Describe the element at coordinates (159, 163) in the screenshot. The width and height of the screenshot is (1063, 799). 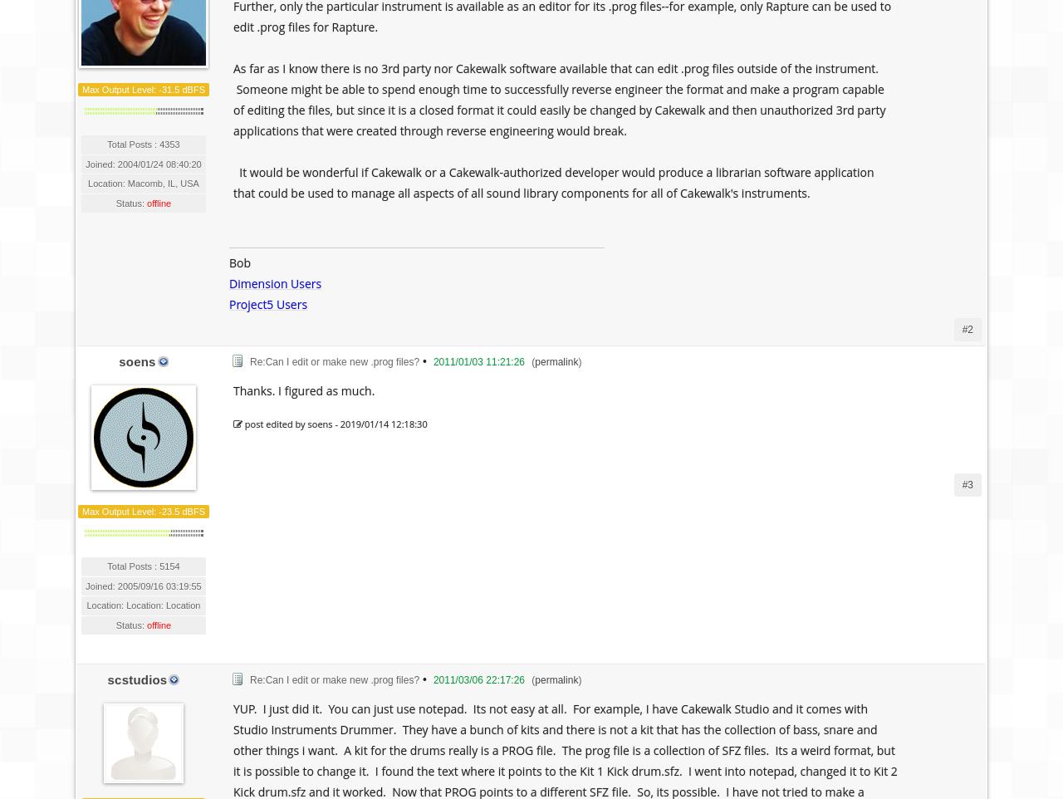
I see `'2004/01/24 08:40:20'` at that location.